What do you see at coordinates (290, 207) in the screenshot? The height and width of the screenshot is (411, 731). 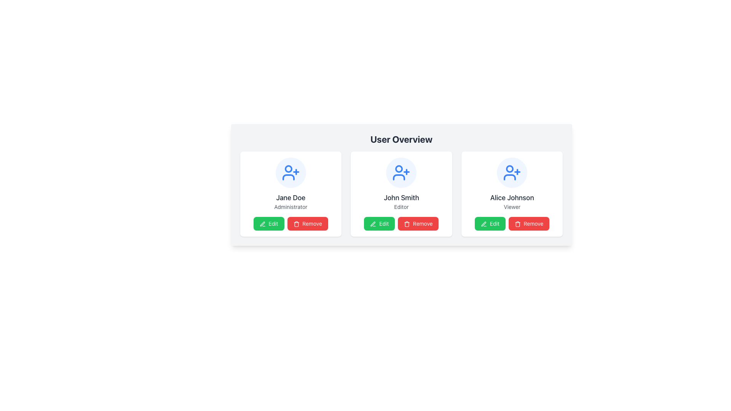 I see `the text label displaying 'Administrator' below 'Jane Doe'` at bounding box center [290, 207].